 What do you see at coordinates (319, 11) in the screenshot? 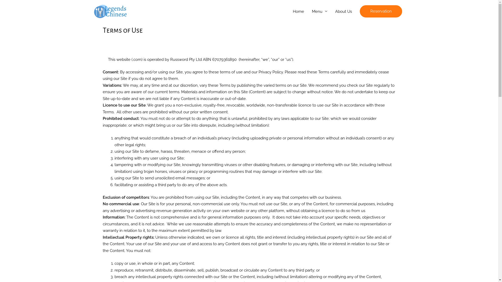
I see `'Menu'` at bounding box center [319, 11].